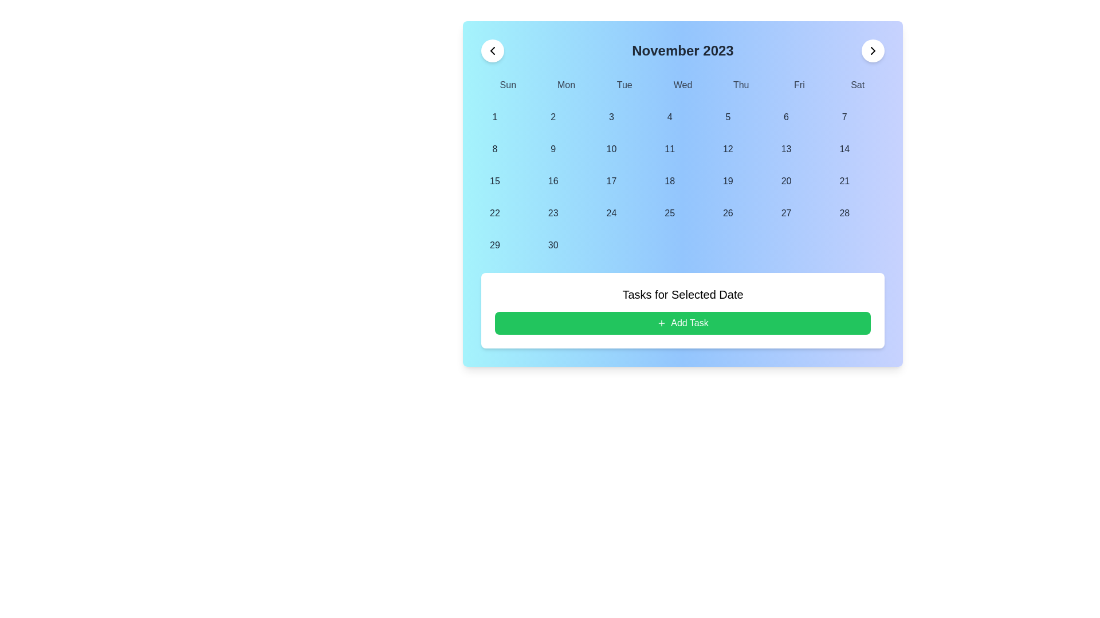 The width and height of the screenshot is (1100, 618). I want to click on the calendar date selector button displaying the number '7', which is styled as a rounded square with a light hover effect, located in the first row and seventh column of the calendar interface, so click(844, 117).